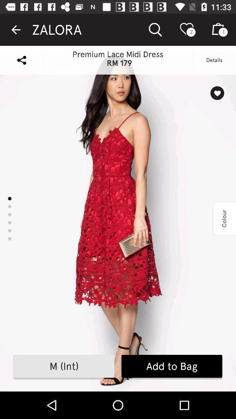 The width and height of the screenshot is (236, 419). I want to click on the item above colour item, so click(217, 93).